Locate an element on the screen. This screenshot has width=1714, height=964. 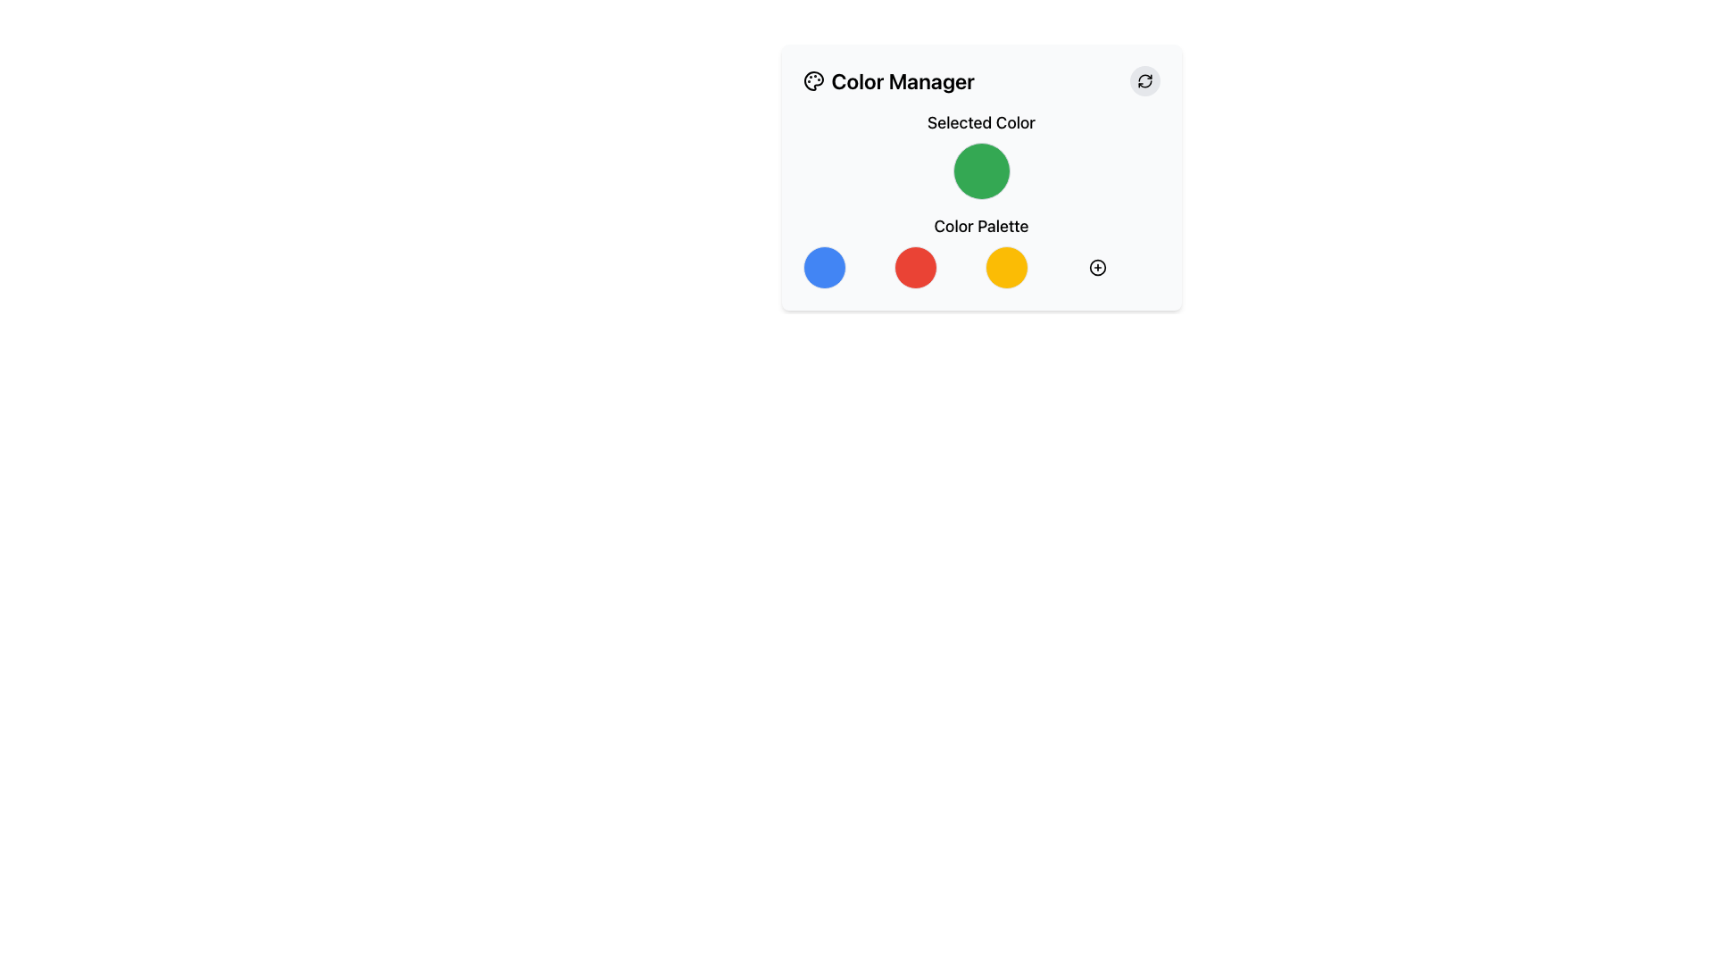
the fourth circular action button on the right side of the grid layout is located at coordinates (1096, 268).